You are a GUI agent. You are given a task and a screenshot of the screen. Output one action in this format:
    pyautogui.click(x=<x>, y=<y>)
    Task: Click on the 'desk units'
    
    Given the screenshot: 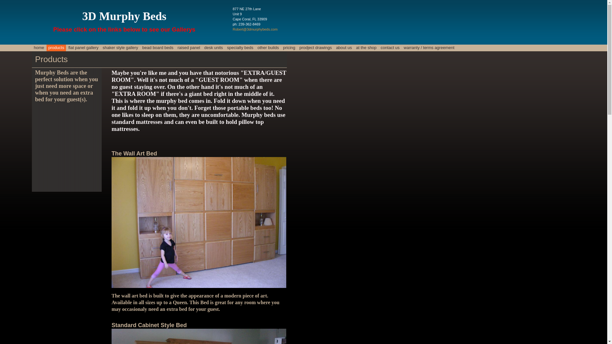 What is the action you would take?
    pyautogui.click(x=202, y=47)
    